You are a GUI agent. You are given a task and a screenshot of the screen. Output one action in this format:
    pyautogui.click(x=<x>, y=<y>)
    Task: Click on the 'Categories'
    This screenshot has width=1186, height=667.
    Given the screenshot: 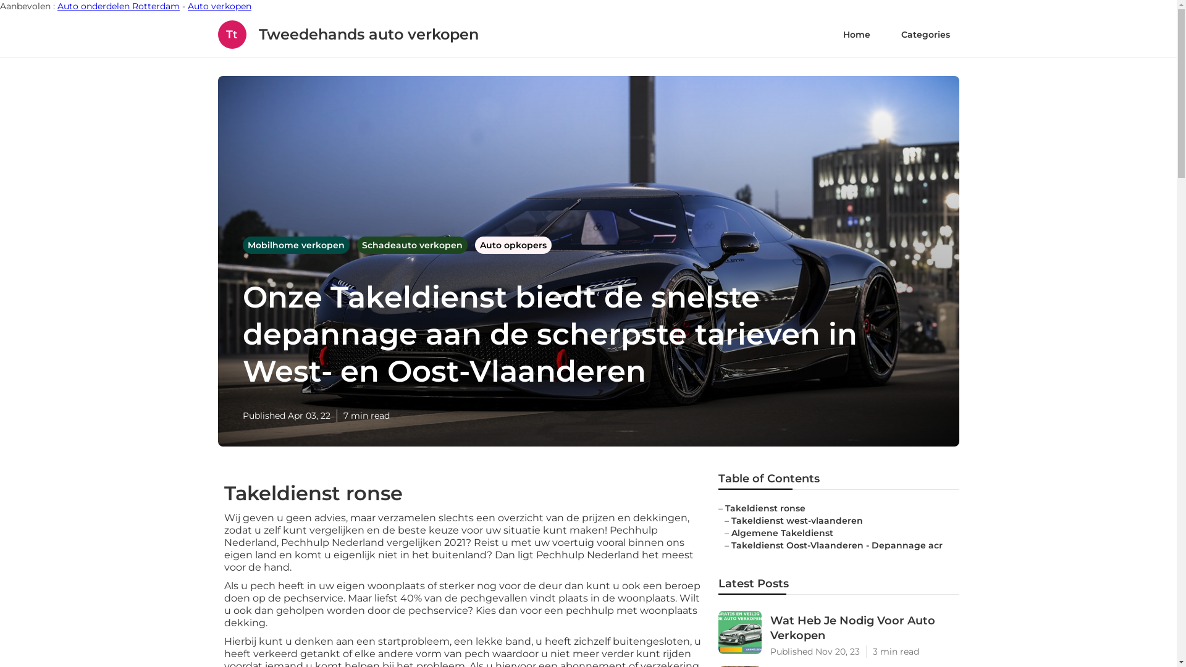 What is the action you would take?
    pyautogui.click(x=925, y=34)
    